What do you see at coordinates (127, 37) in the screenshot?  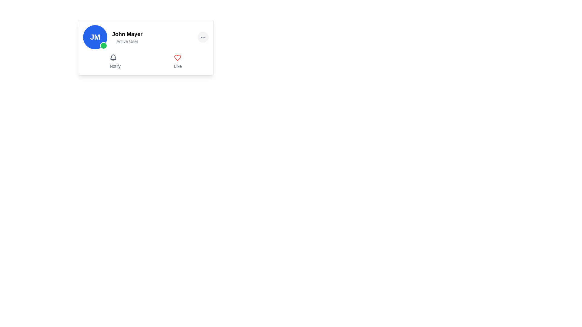 I see `text content of the Text Component displaying 'John Mayer' and 'Active User', which is located within a card layout to the right of a blue circle with initials 'JM'` at bounding box center [127, 37].